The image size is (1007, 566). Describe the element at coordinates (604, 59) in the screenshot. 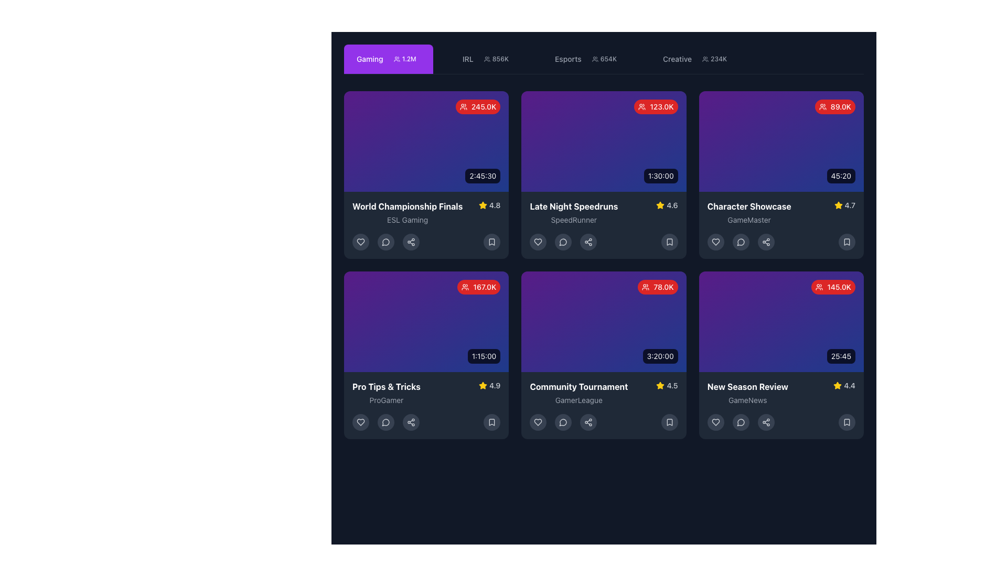

I see `the third navigational tab labeled 'Esports' to change its appearance` at that location.